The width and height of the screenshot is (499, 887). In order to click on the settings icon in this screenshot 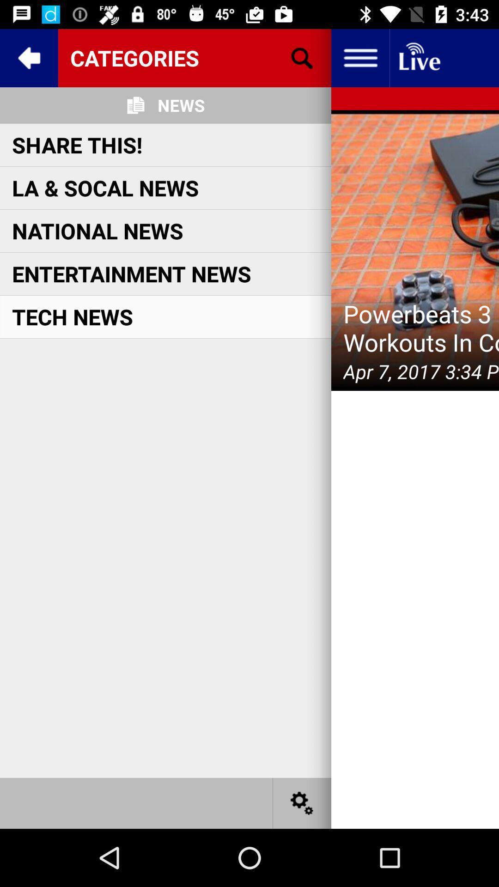, I will do `click(302, 802)`.